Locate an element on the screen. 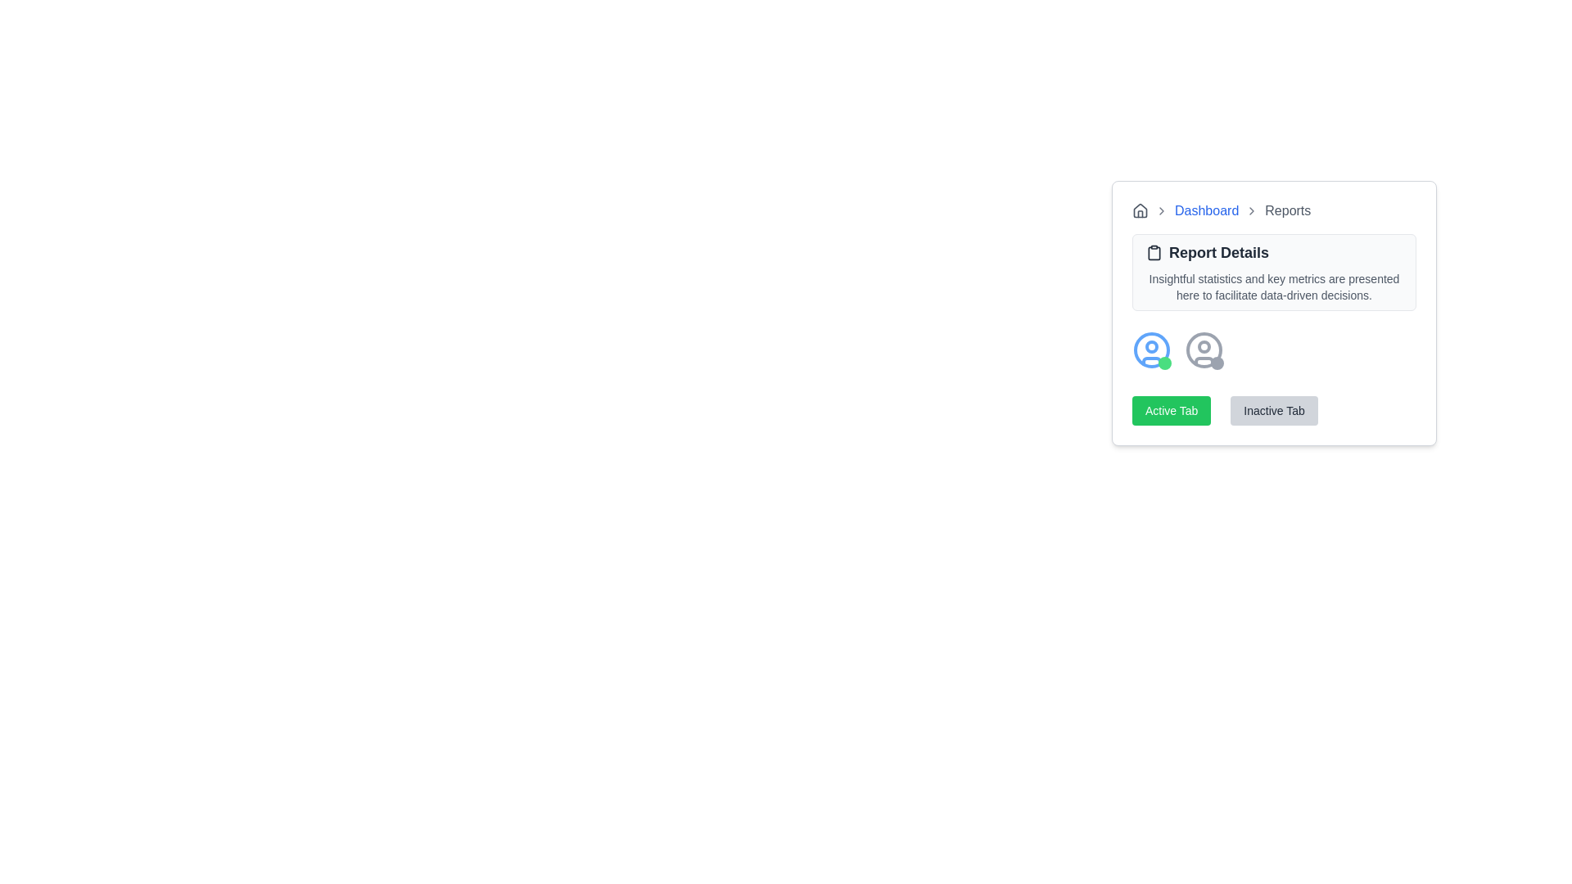 The width and height of the screenshot is (1572, 884). the breadcrumb link or label located in the breadcrumb navigation bar at the upper-left corner of a card, which is the last link in the sequence following the 'Dashboard' link is located at coordinates (1273, 210).